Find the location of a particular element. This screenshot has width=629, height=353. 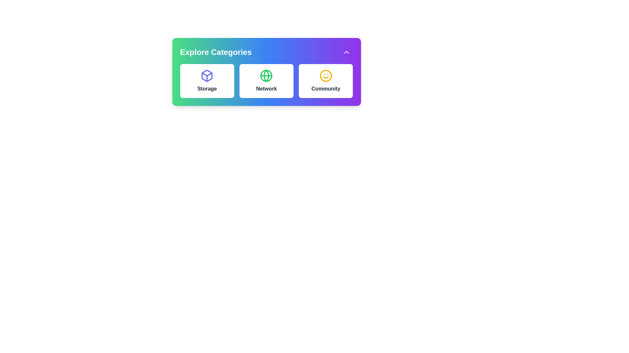

the 'Network' category card in the center column of the grid under 'Explore Categories' is located at coordinates (266, 80).